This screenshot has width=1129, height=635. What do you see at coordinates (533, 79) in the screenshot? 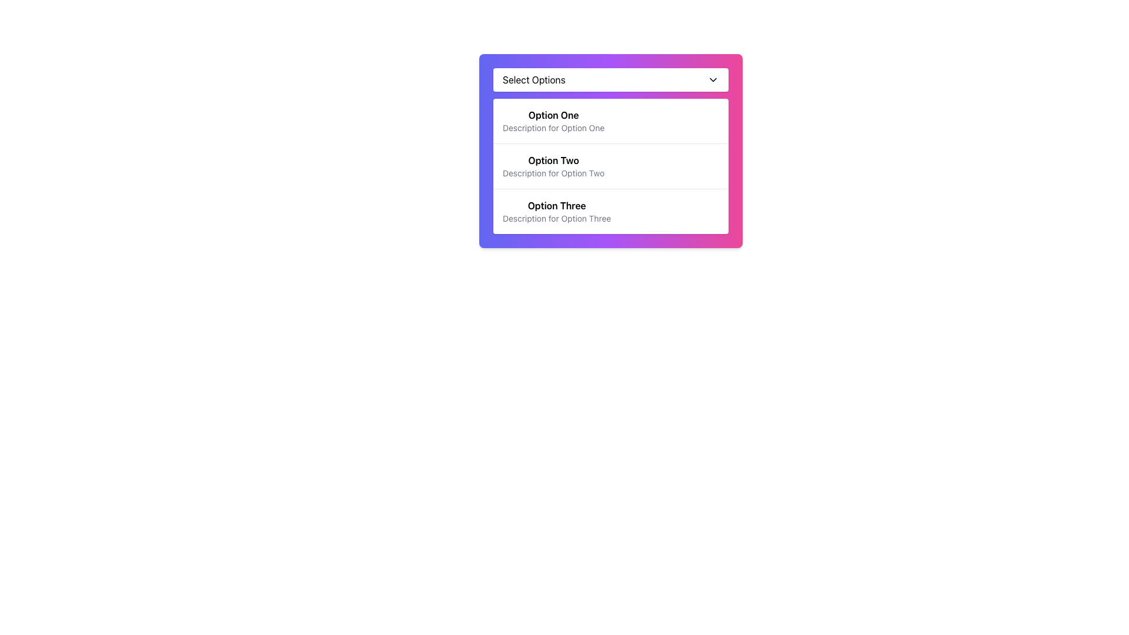
I see `text label located at the top section of the dropdown menu, which indicates the action or purpose of the component` at bounding box center [533, 79].